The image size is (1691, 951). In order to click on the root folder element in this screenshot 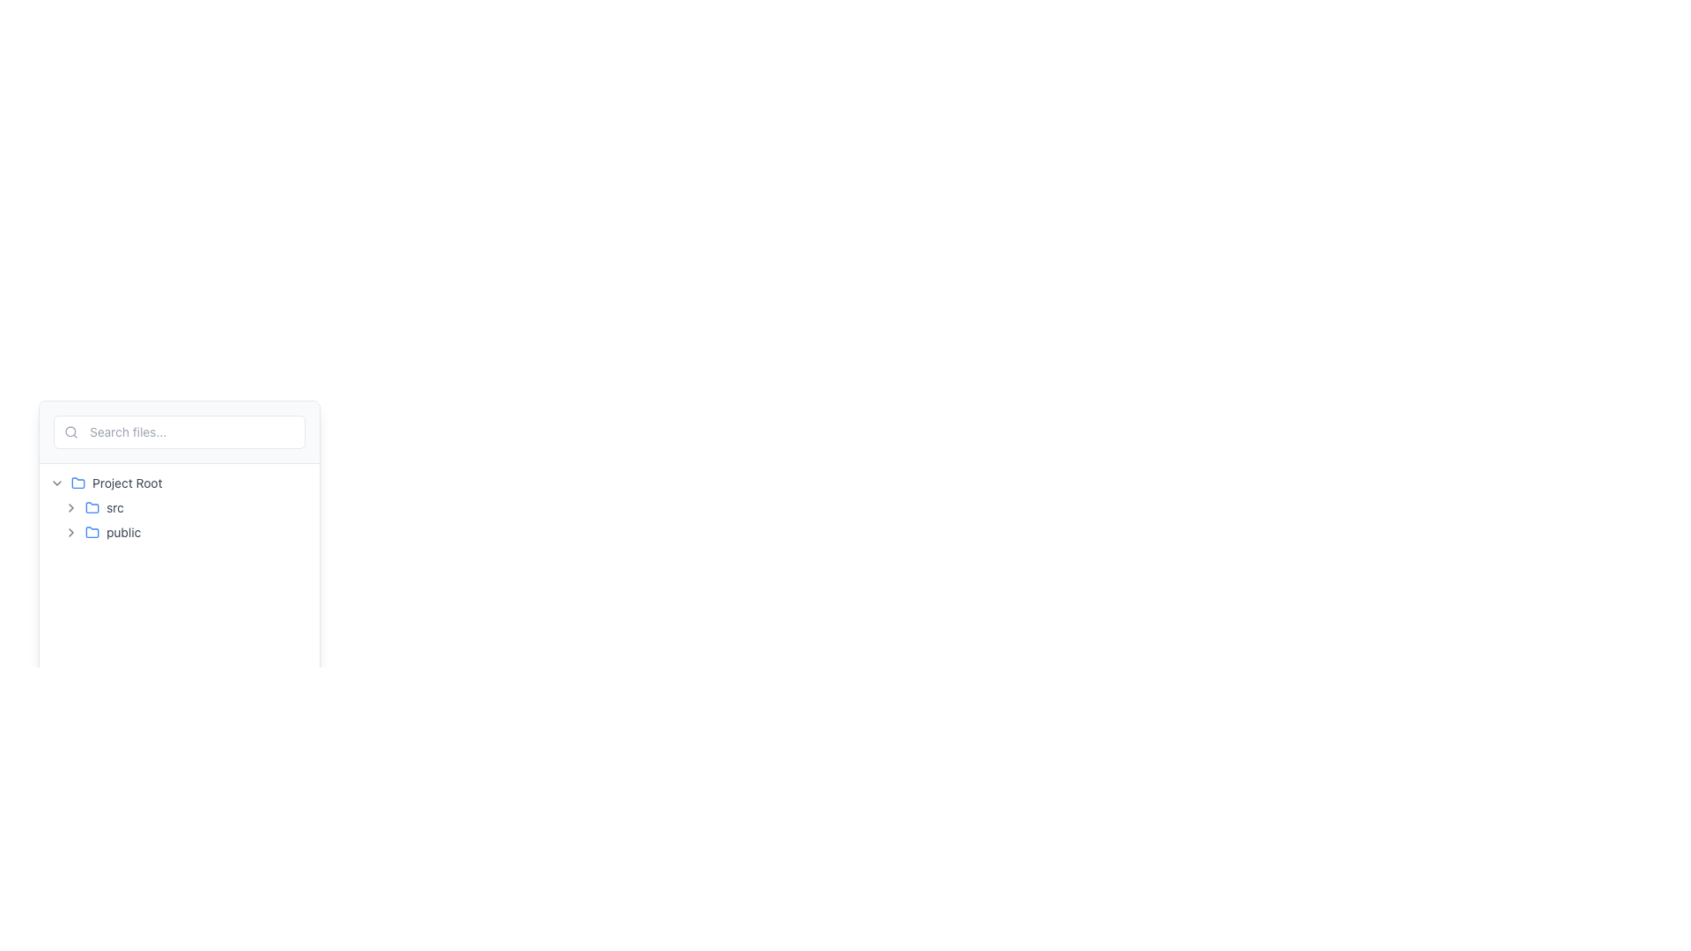, I will do `click(179, 483)`.